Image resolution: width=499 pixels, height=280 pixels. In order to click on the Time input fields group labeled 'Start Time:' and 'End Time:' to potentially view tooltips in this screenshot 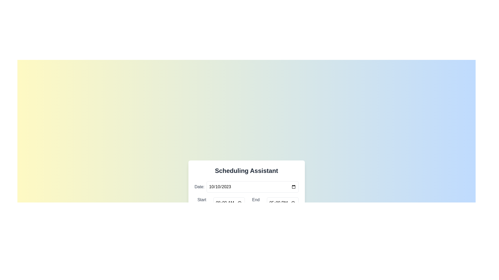, I will do `click(246, 203)`.